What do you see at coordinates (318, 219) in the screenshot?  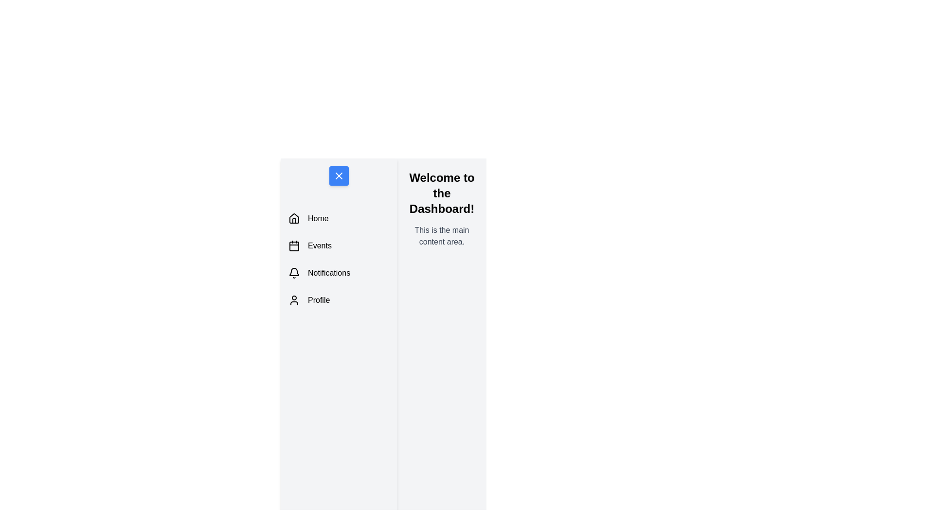 I see `the text label reading 'Home' in the vertical navigation menu, which is styled with a sans-serif font and positioned next to a house-shaped icon` at bounding box center [318, 219].